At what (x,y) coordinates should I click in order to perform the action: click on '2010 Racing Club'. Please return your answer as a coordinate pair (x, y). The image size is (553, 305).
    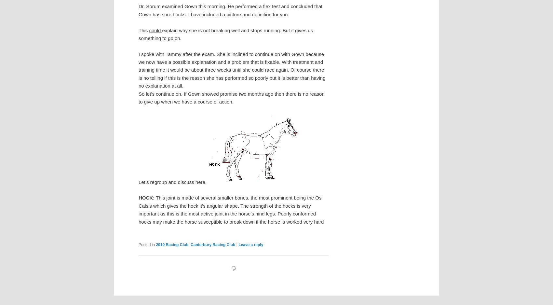
    Looking at the image, I should click on (156, 244).